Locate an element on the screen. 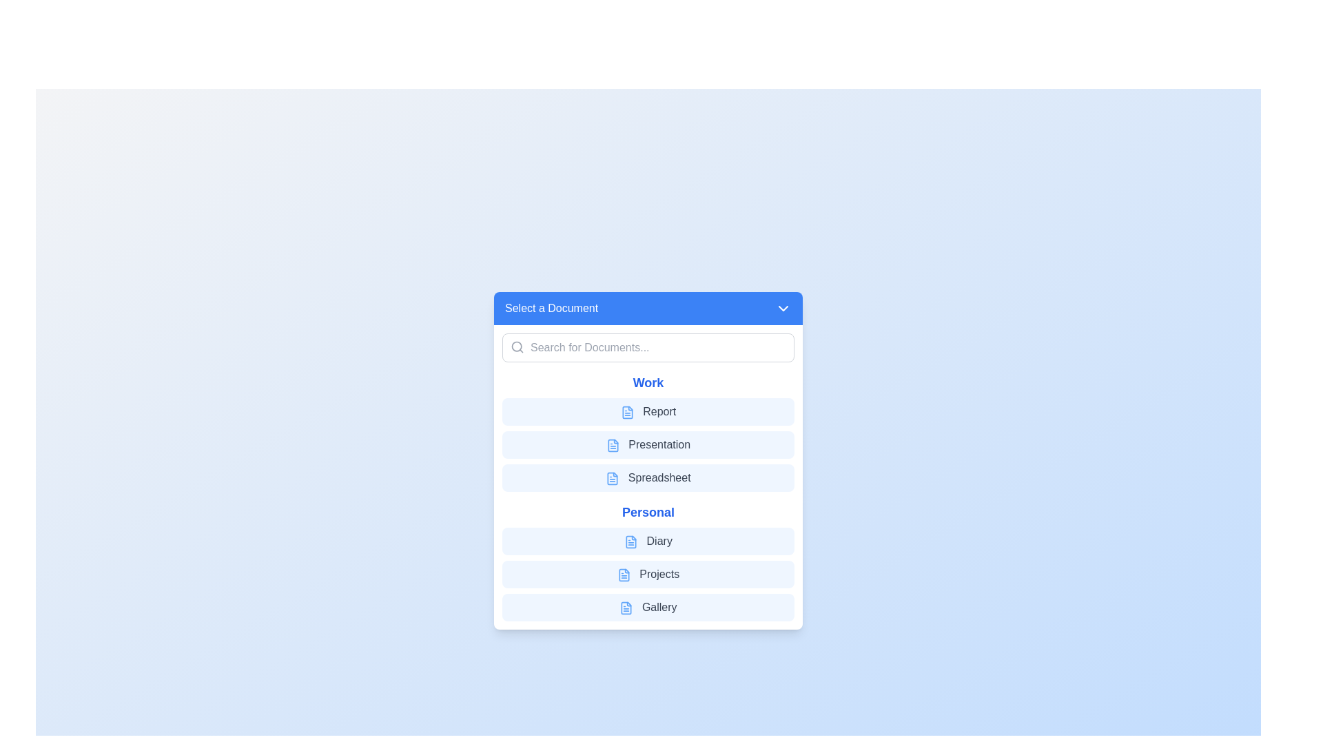 The image size is (1323, 744). text of the 'Personal' label, which is a large, bold, bright blue text located in the center of a card-like modal interface is located at coordinates (647, 513).